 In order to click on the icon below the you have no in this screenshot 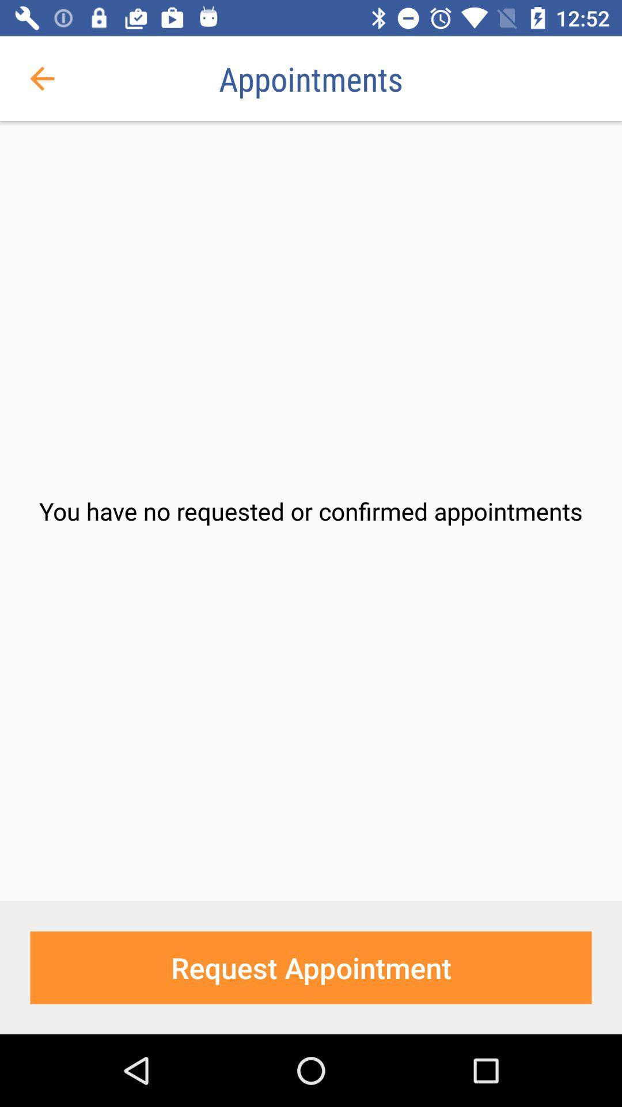, I will do `click(311, 967)`.